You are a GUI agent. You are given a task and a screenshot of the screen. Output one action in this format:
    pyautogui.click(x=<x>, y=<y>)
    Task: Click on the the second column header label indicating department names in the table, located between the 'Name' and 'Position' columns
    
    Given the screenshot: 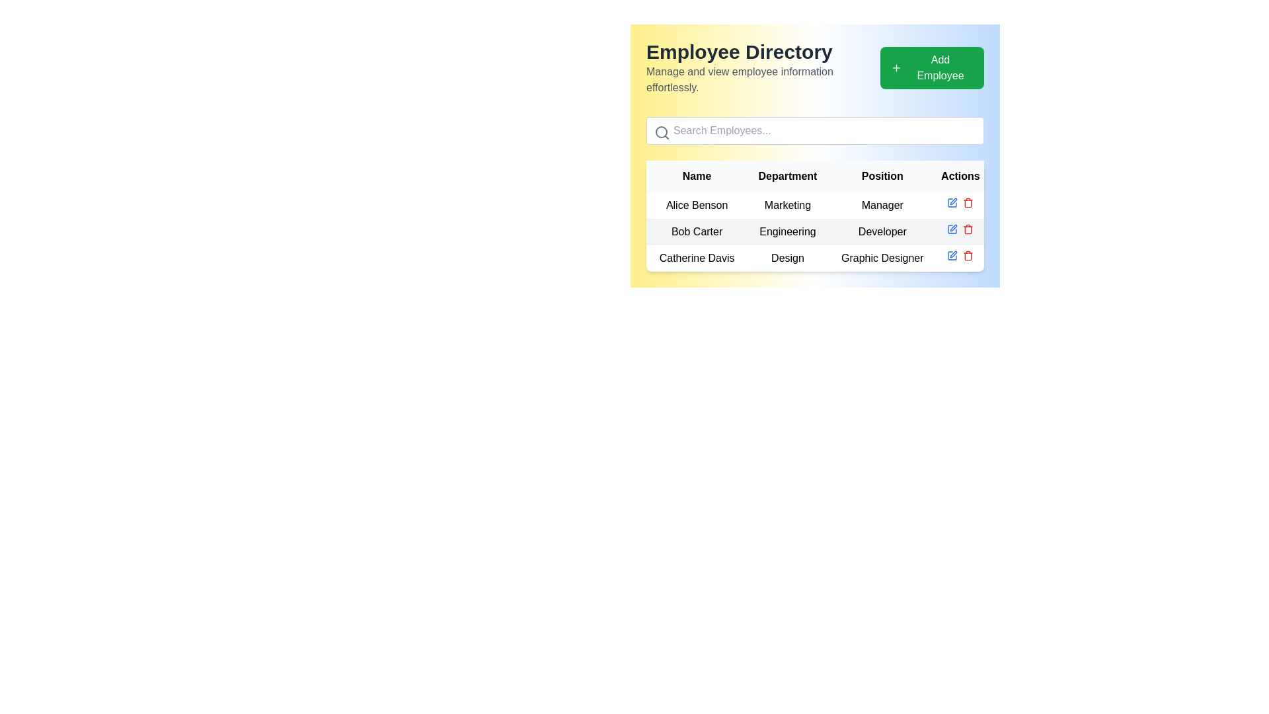 What is the action you would take?
    pyautogui.click(x=787, y=175)
    